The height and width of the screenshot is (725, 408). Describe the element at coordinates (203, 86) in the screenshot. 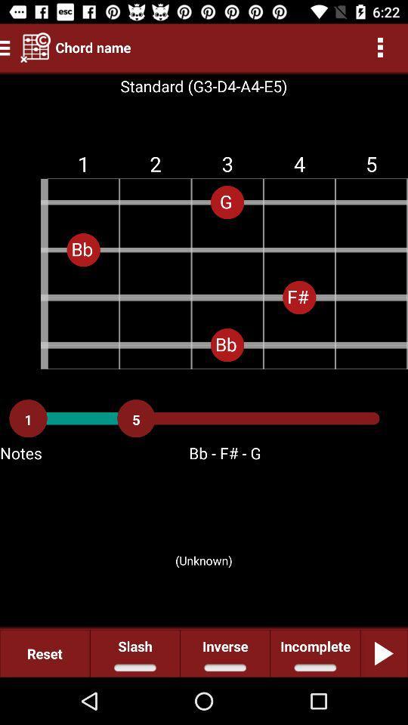

I see `standard g3 d4 icon` at that location.